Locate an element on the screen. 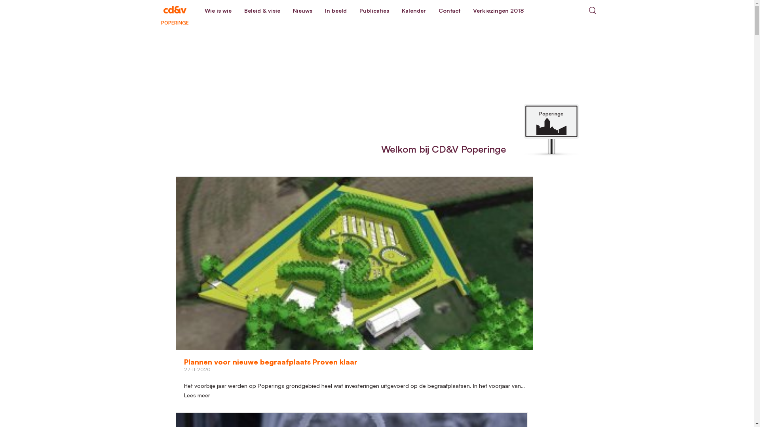  'Contact' is located at coordinates (449, 11).